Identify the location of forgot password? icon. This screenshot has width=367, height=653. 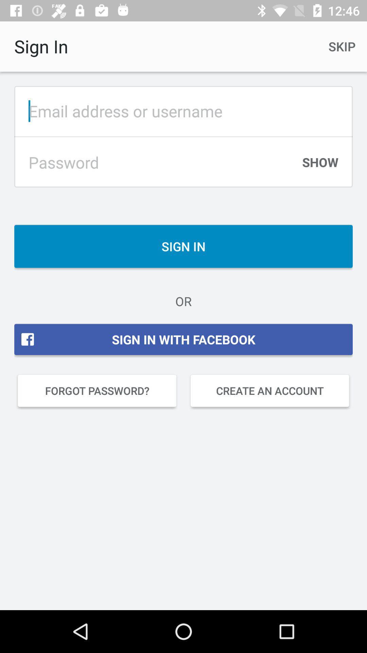
(97, 390).